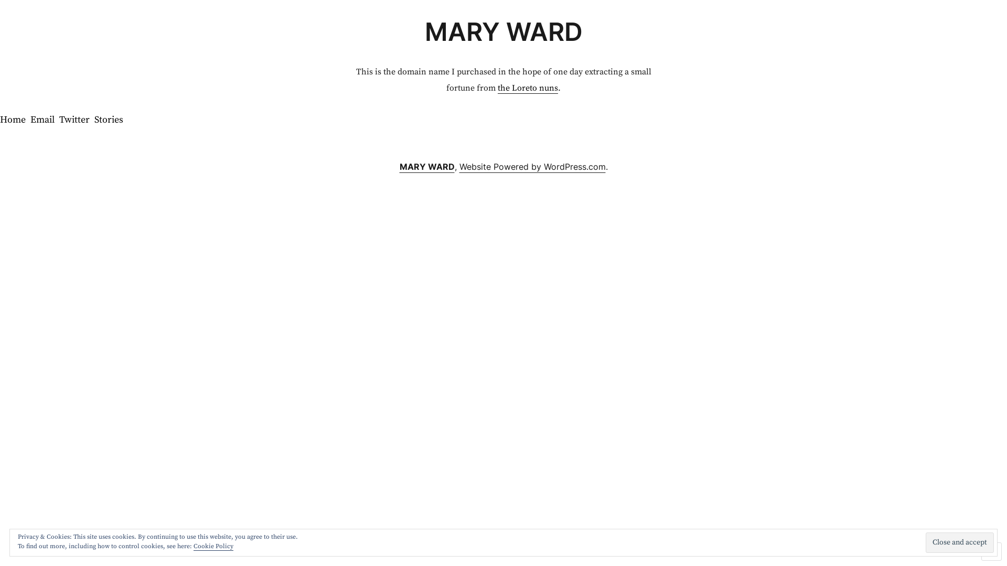  What do you see at coordinates (59, 120) in the screenshot?
I see `'Twitter'` at bounding box center [59, 120].